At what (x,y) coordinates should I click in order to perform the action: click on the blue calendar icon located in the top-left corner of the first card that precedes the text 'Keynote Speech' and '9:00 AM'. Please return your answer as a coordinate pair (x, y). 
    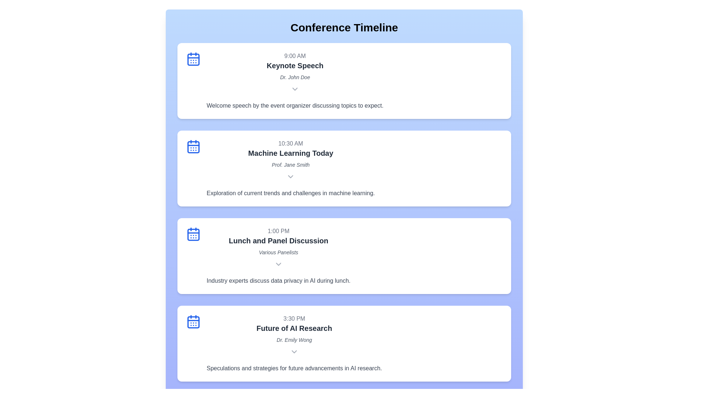
    Looking at the image, I should click on (193, 59).